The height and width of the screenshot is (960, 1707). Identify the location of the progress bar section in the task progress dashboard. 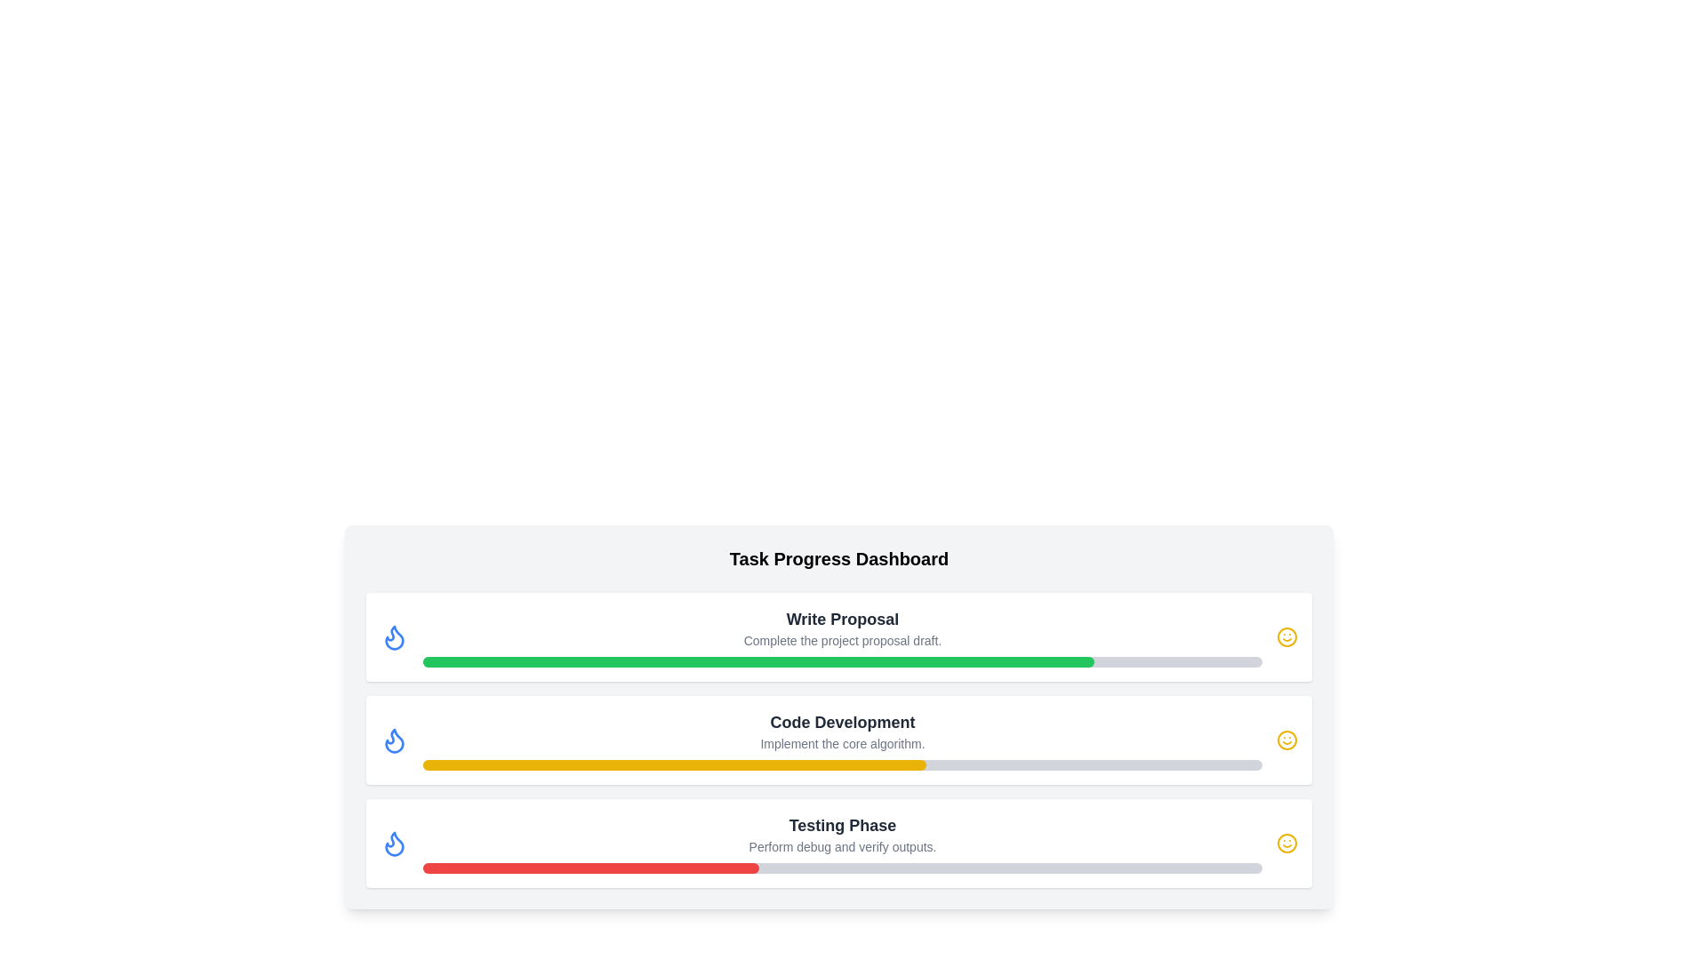
(842, 842).